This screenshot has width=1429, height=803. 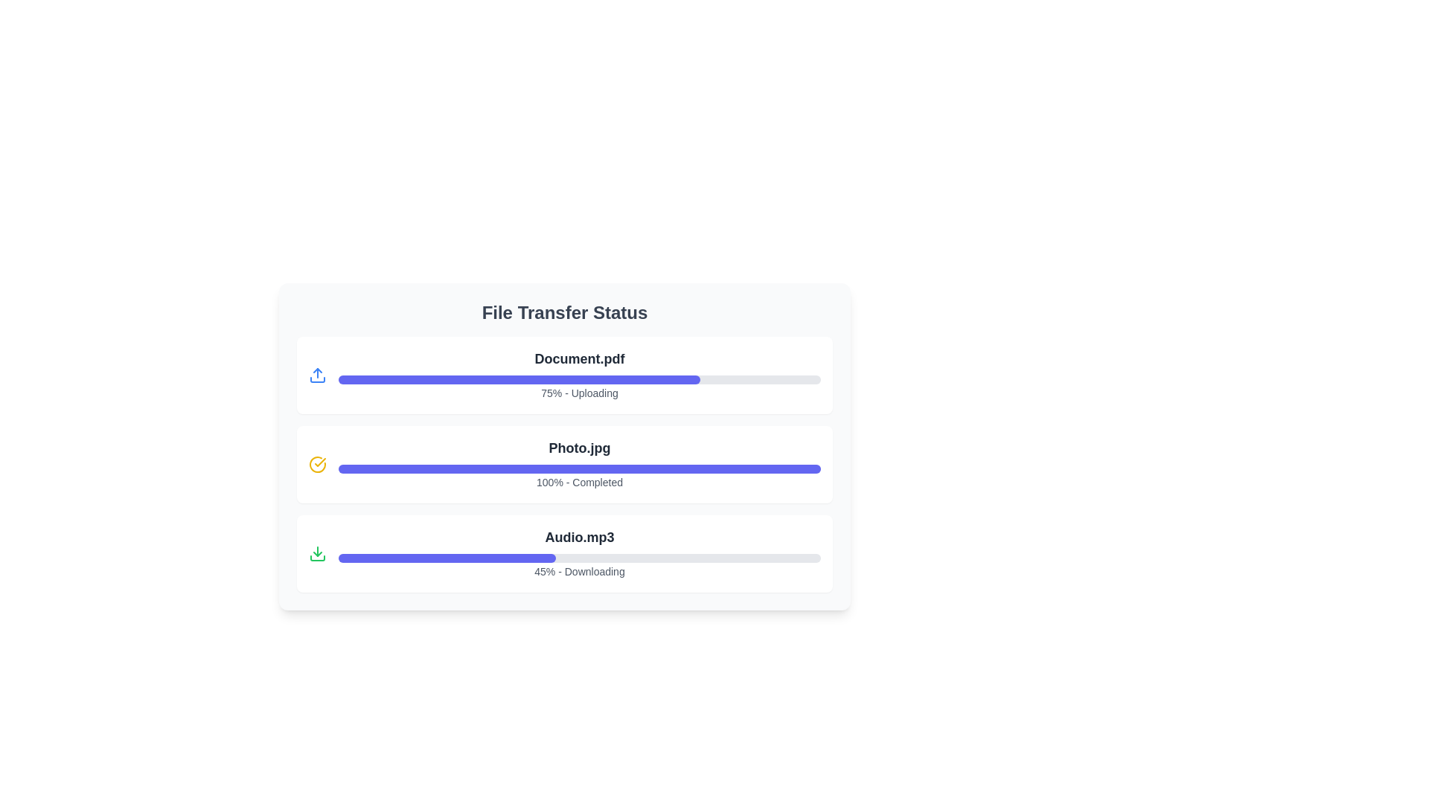 I want to click on the second progress bar indicating the status of 'Photo.jpg' which is styled with a light gray background and a blue filled portion, located between the text 'Photo.jpg' and '100% - Completed', so click(x=578, y=469).